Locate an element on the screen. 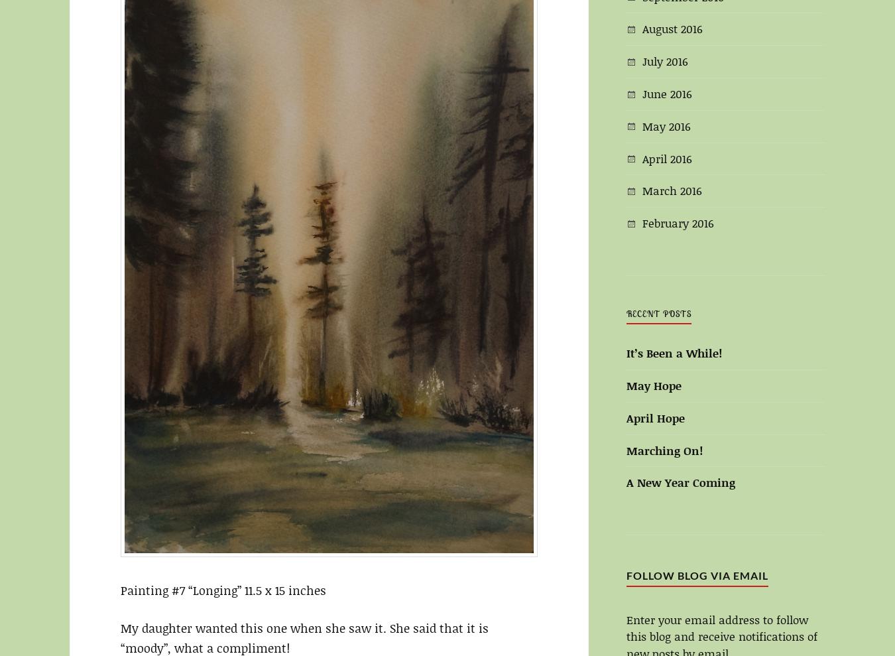 The width and height of the screenshot is (895, 656). 'March 2016' is located at coordinates (672, 190).